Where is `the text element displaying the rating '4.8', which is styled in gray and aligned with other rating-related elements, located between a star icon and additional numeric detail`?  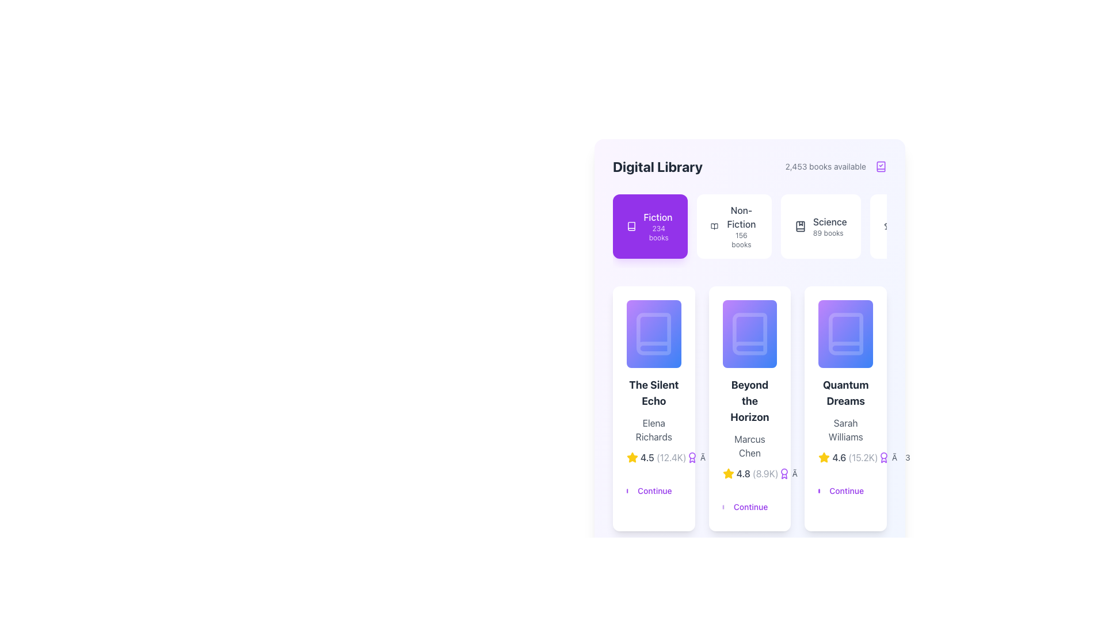 the text element displaying the rating '4.8', which is styled in gray and aligned with other rating-related elements, located between a star icon and additional numeric detail is located at coordinates (743, 474).